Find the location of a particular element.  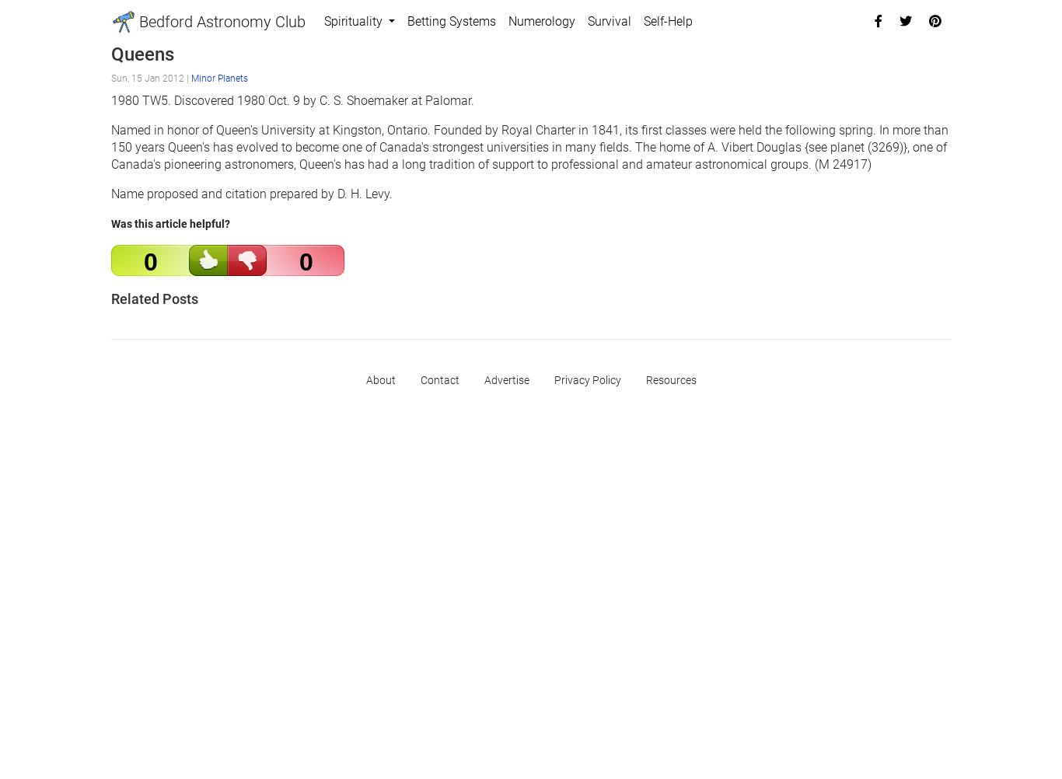

'Survival' is located at coordinates (587, 21).